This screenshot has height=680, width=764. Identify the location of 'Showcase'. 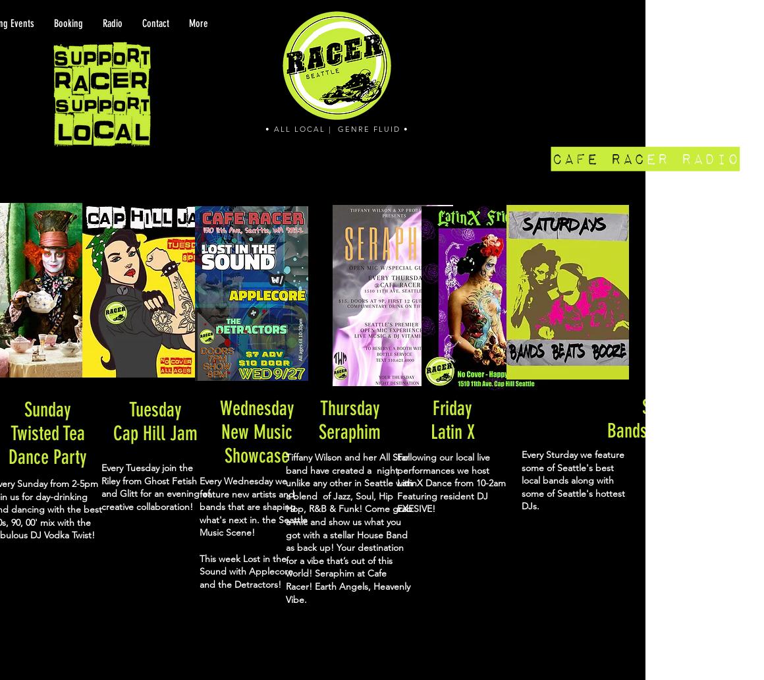
(256, 455).